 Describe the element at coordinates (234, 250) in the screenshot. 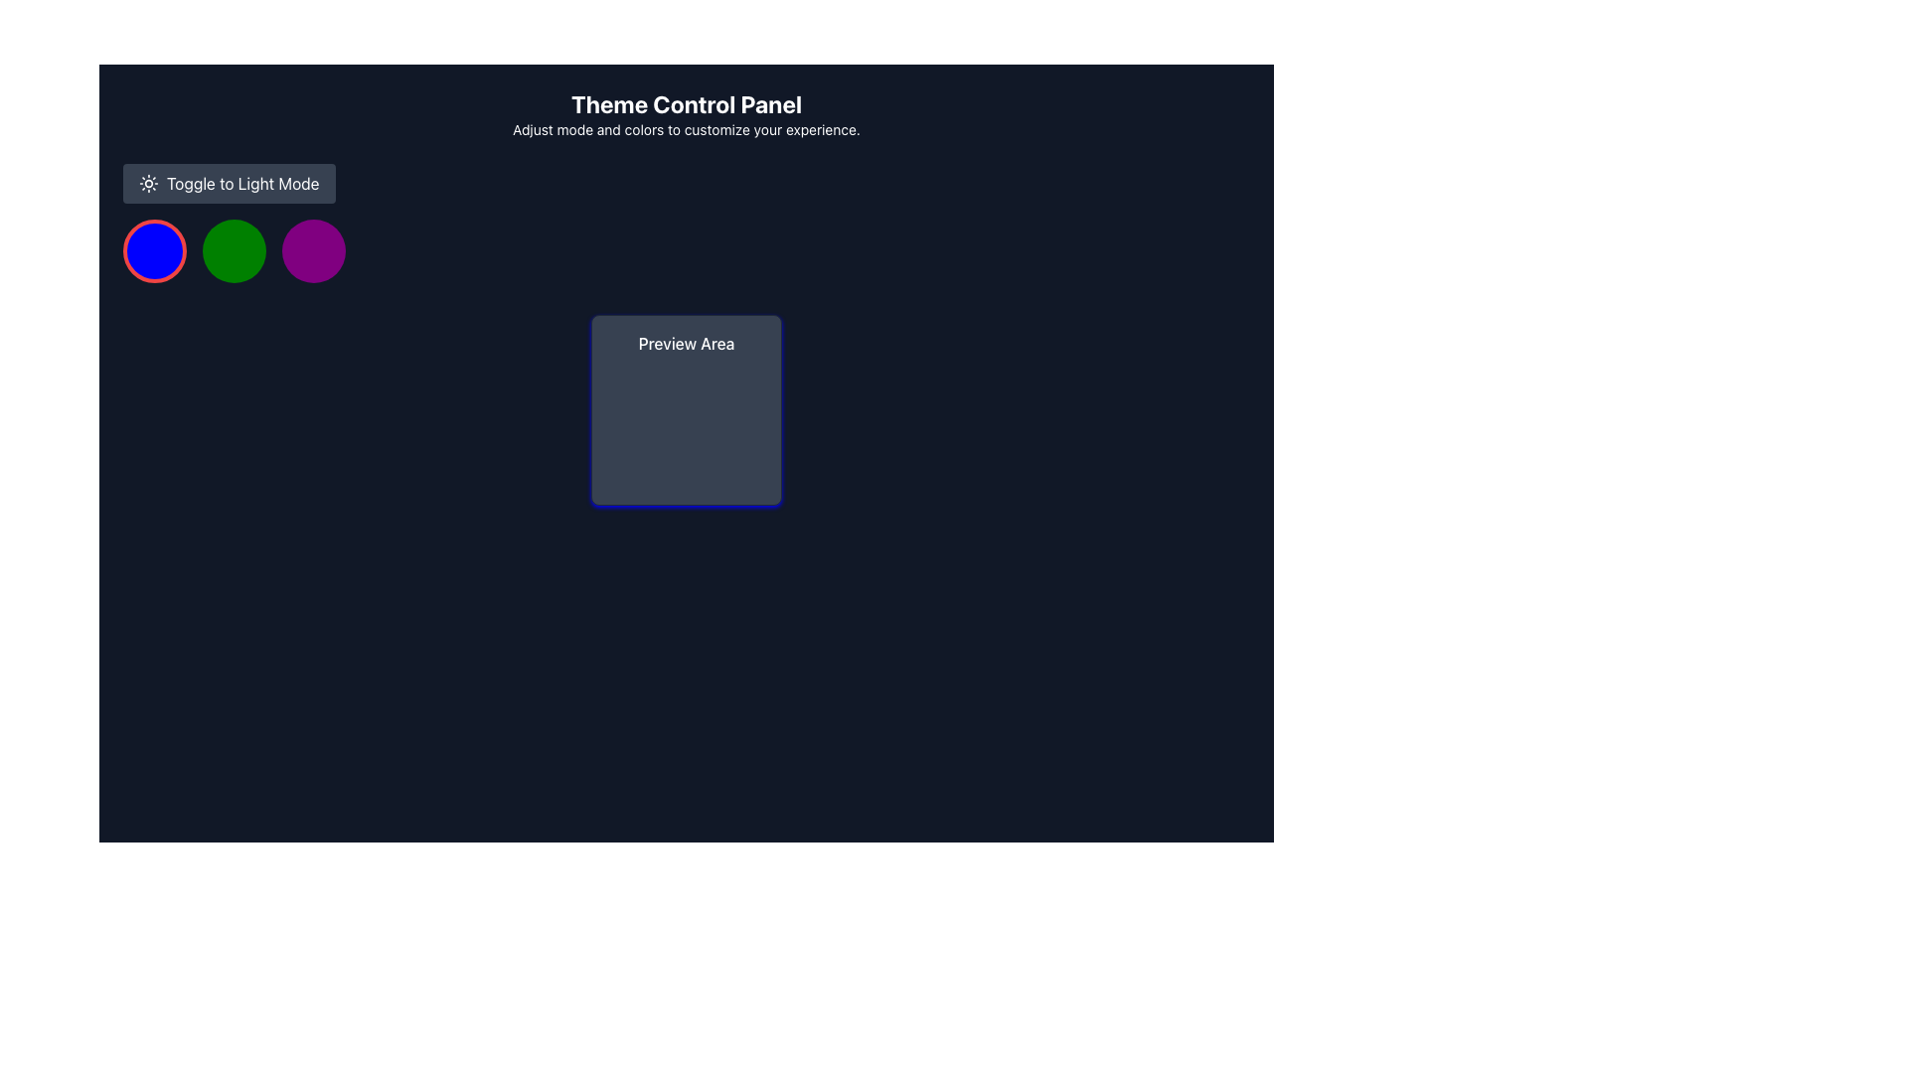

I see `the second circular button` at that location.